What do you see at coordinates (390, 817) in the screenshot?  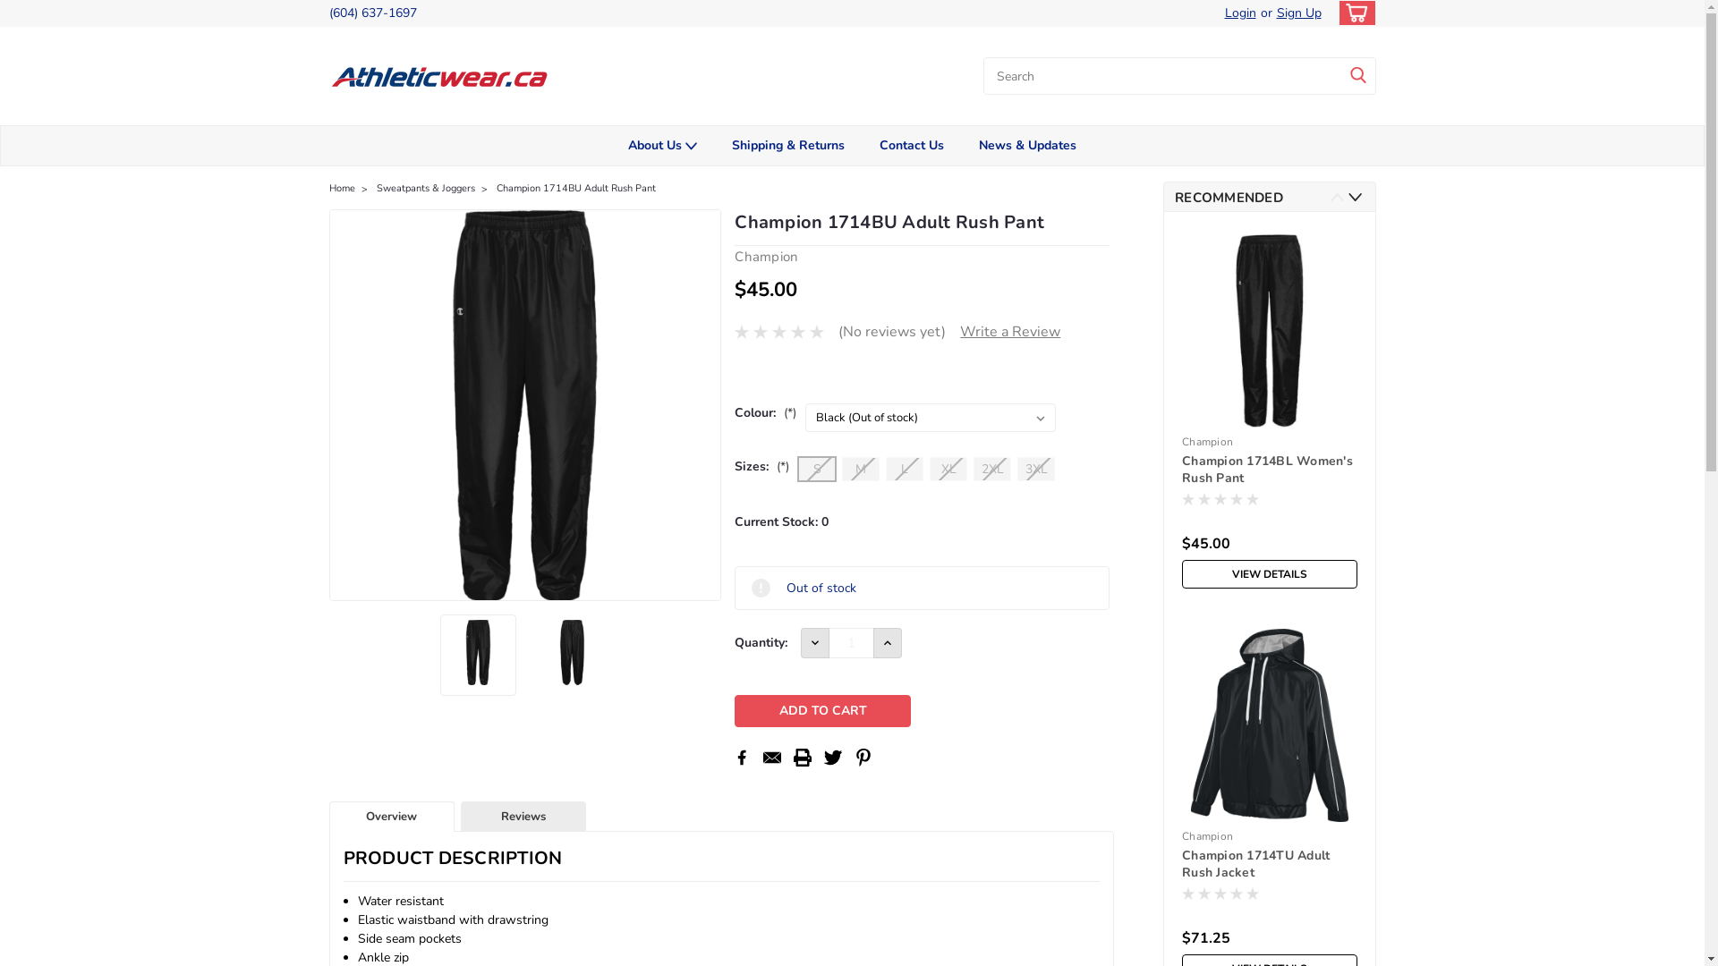 I see `'Overview'` at bounding box center [390, 817].